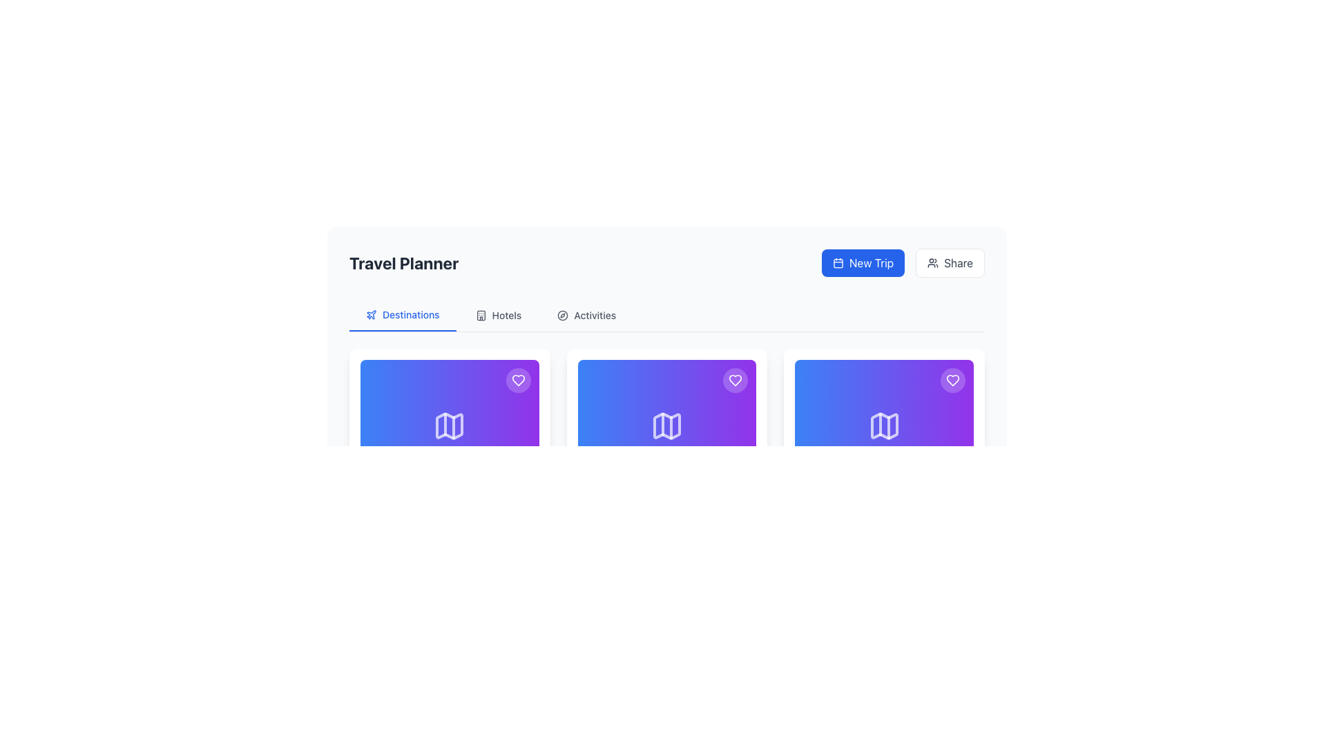  What do you see at coordinates (595, 315) in the screenshot?
I see `the 'Activities' navigation label, which is part of the horizontal navigation bar and positioned to the right of the 'Hotels' item` at bounding box center [595, 315].